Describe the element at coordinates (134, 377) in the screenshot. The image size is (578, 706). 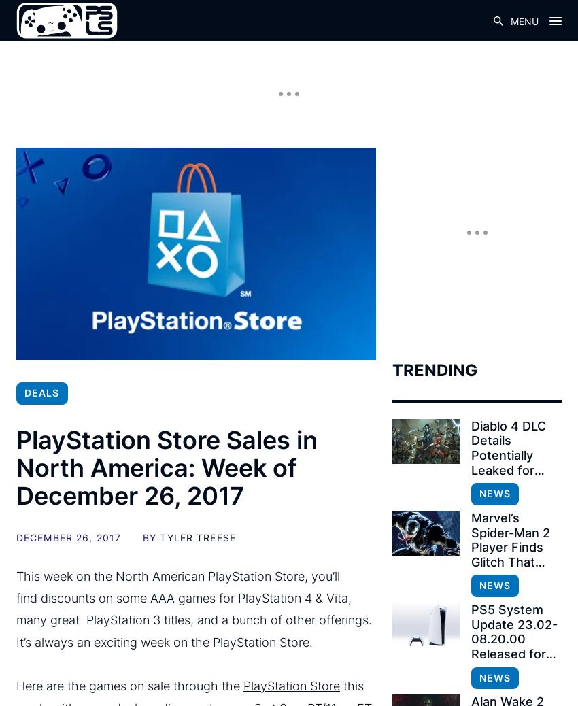
I see `'DYING: Reborn – $1.49'` at that location.